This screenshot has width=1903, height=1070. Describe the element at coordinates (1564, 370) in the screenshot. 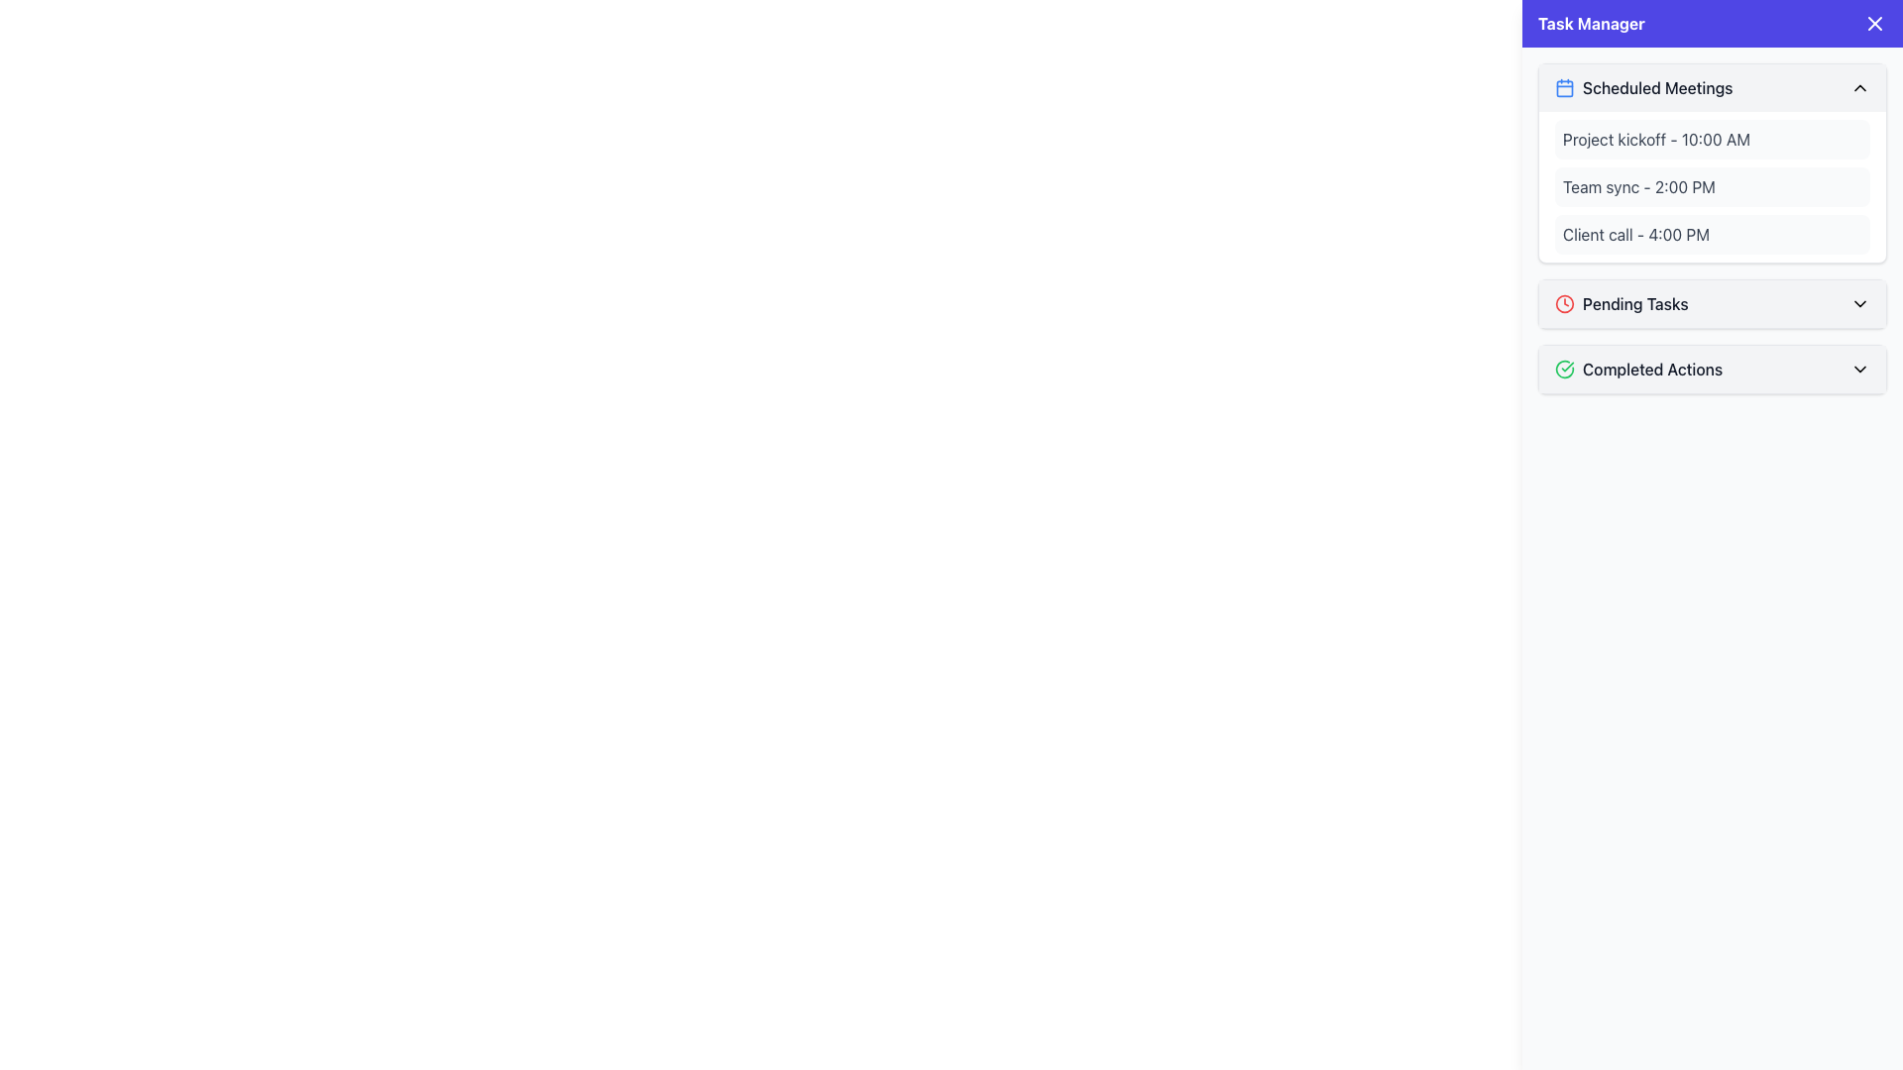

I see `the icon indicating completed tasks in the 'Completed Actions' section of the task manager interface` at that location.